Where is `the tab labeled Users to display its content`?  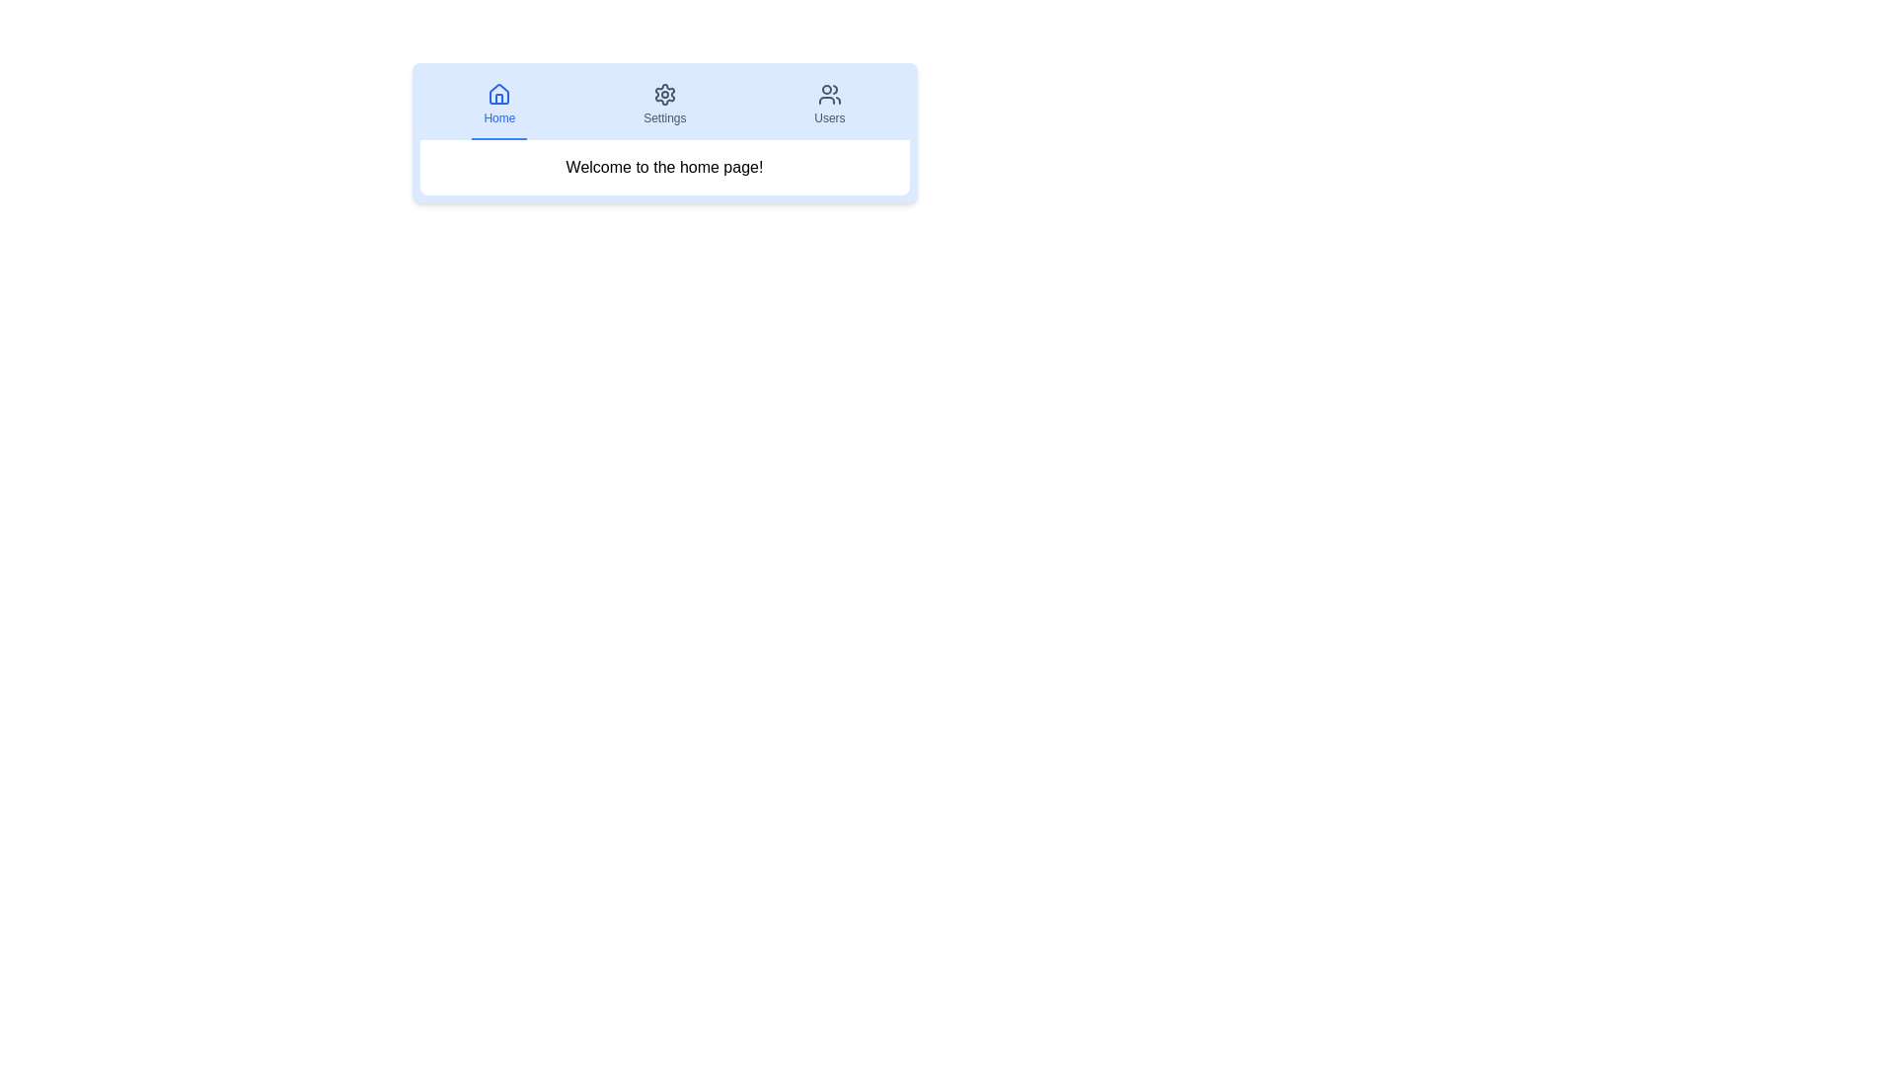
the tab labeled Users to display its content is located at coordinates (829, 106).